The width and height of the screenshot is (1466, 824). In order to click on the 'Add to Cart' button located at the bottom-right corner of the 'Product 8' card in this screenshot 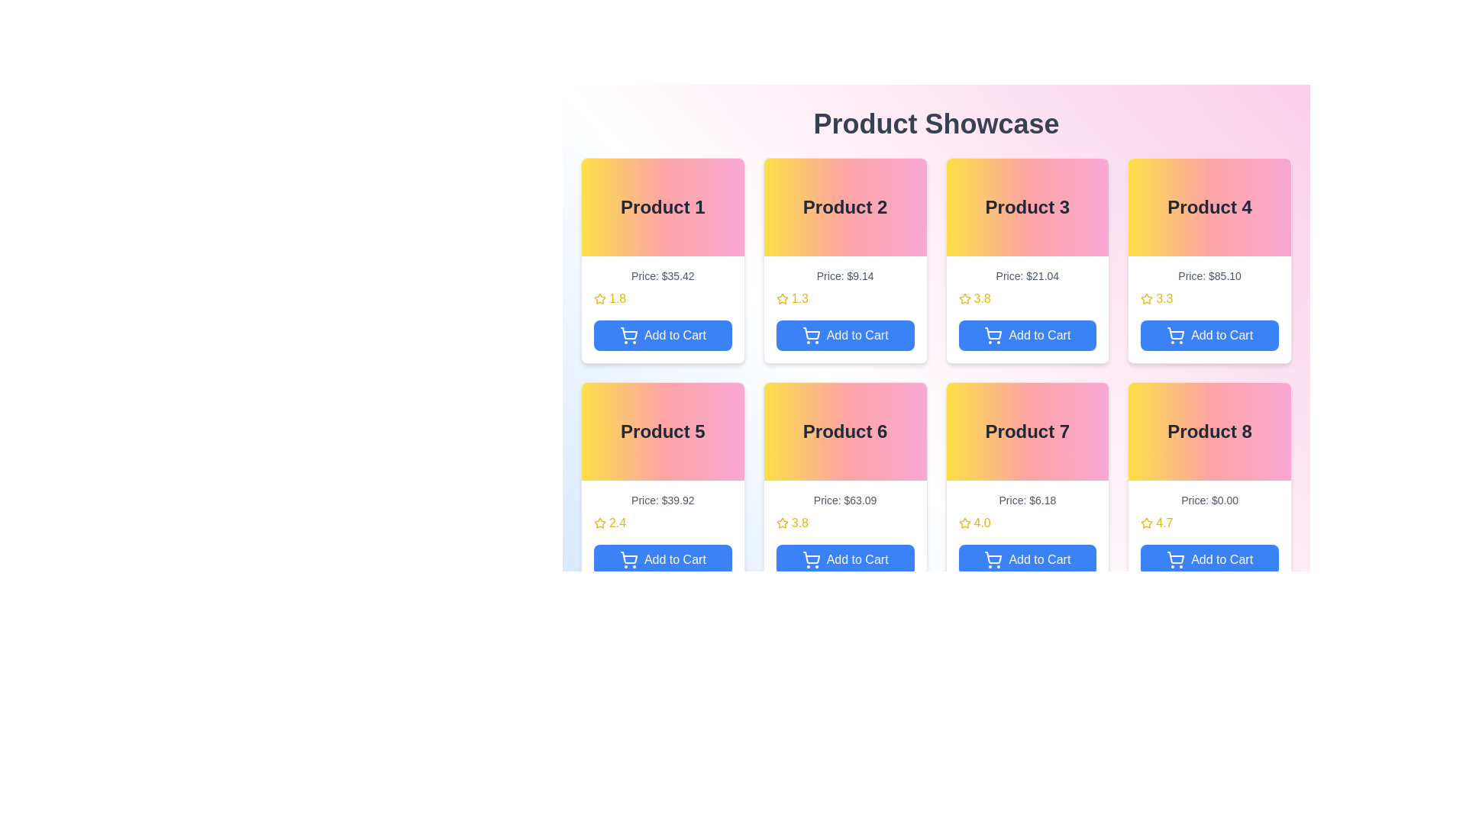, I will do `click(1209, 533)`.